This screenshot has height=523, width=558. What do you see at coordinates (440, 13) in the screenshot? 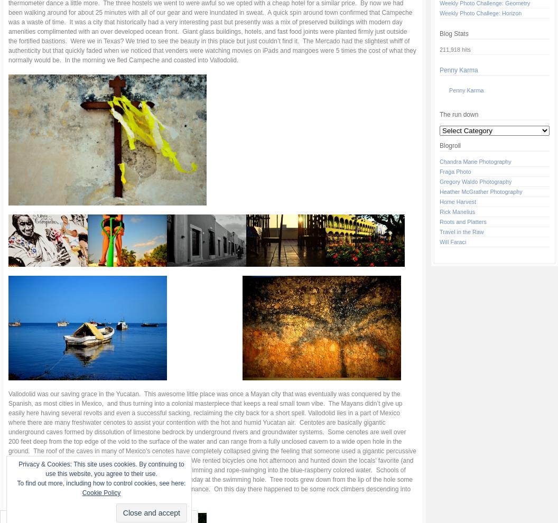
I see `'Weekly Photo Challege: Horizon'` at bounding box center [440, 13].